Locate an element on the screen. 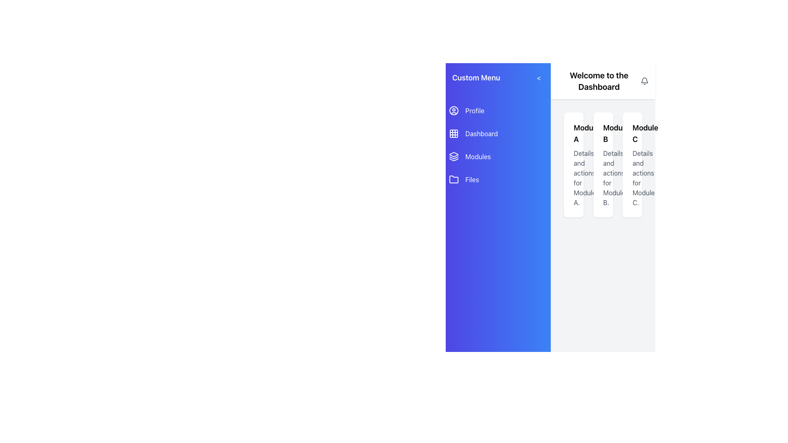 This screenshot has width=788, height=443. the fourth button in the vertical menu under 'Custom Menu', located between 'Modules' and the bottom margin of the sidebar is located at coordinates (498, 179).